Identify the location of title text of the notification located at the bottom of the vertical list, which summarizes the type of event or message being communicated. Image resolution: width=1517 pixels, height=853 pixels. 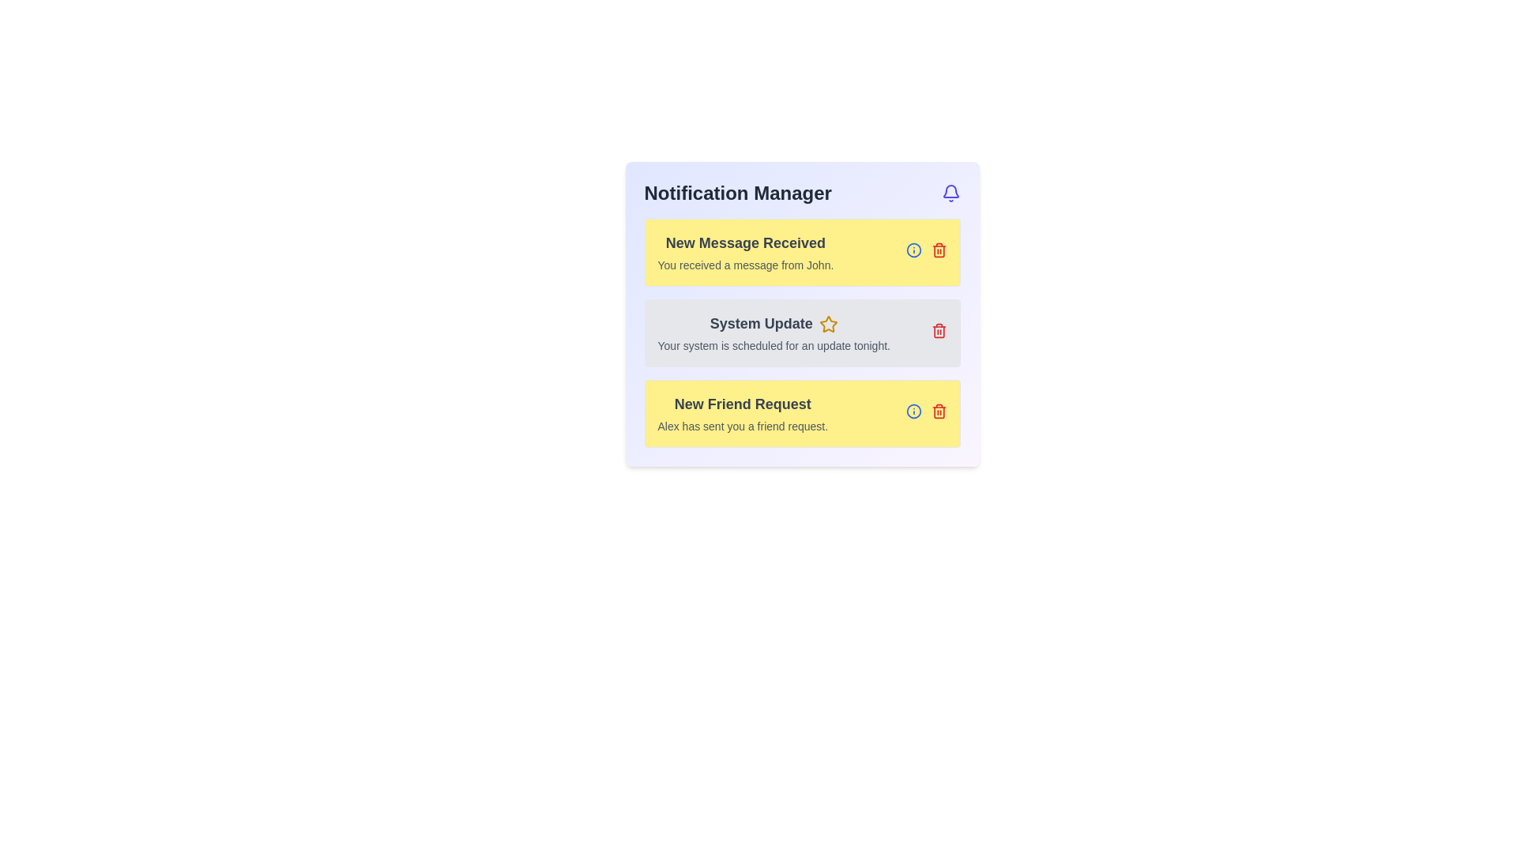
(742, 404).